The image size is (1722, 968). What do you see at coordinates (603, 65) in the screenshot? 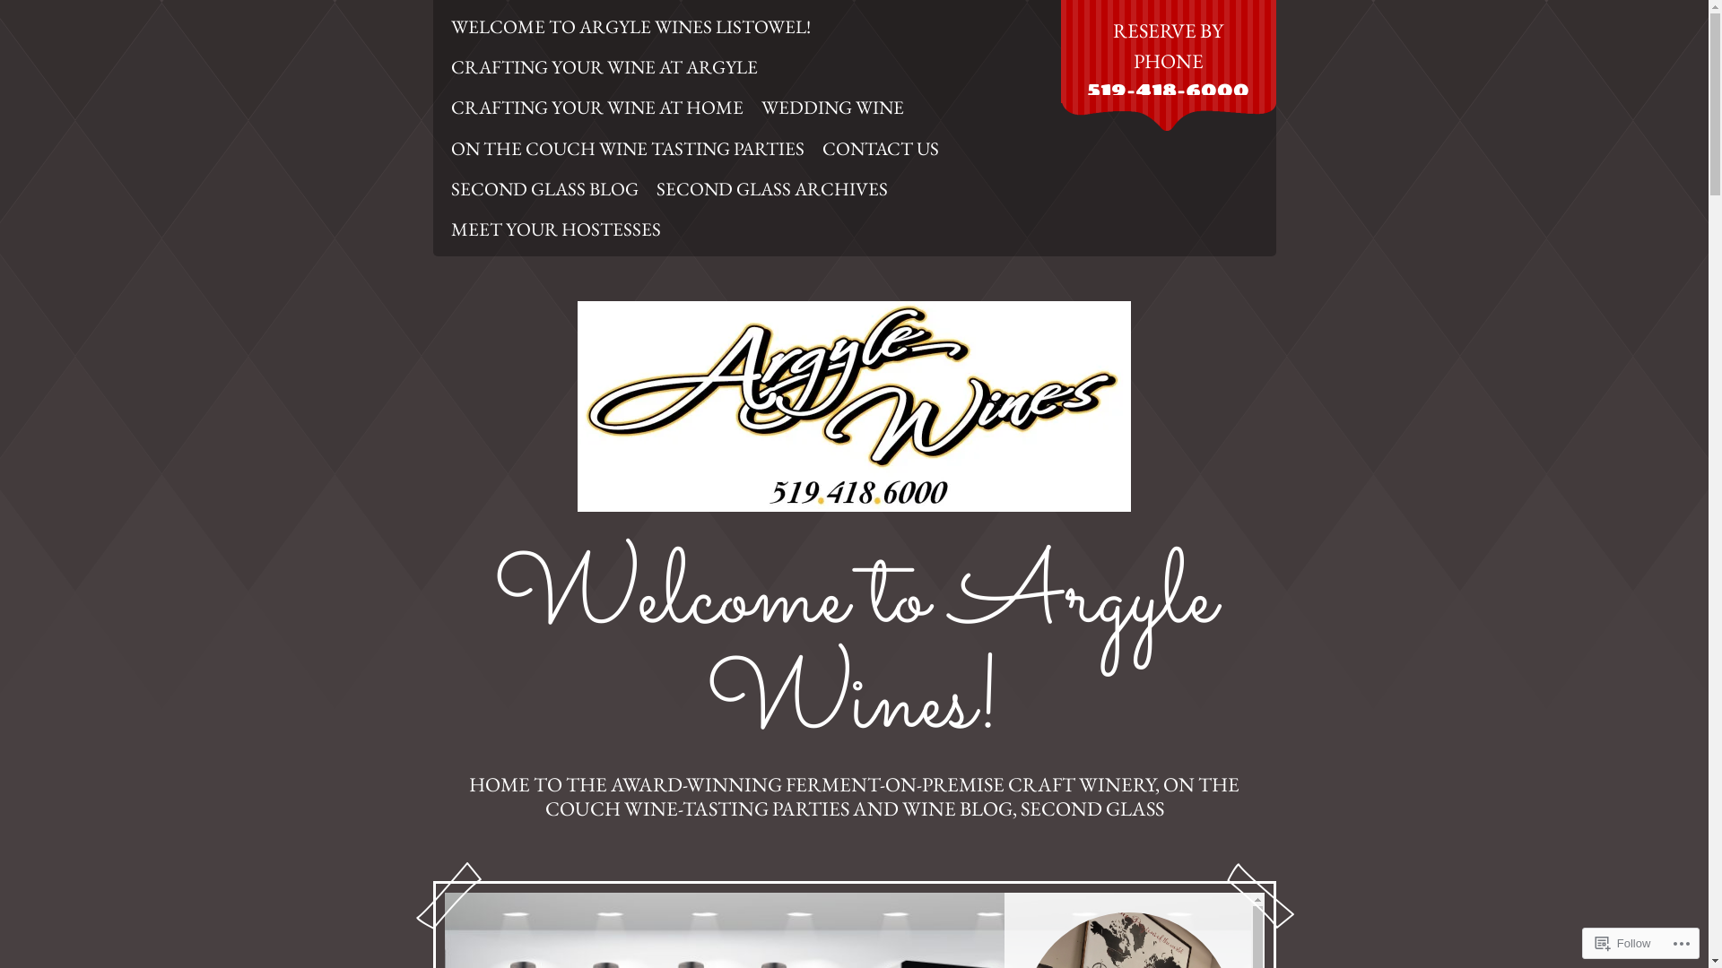
I see `'CRAFTING YOUR WINE AT ARGYLE'` at bounding box center [603, 65].